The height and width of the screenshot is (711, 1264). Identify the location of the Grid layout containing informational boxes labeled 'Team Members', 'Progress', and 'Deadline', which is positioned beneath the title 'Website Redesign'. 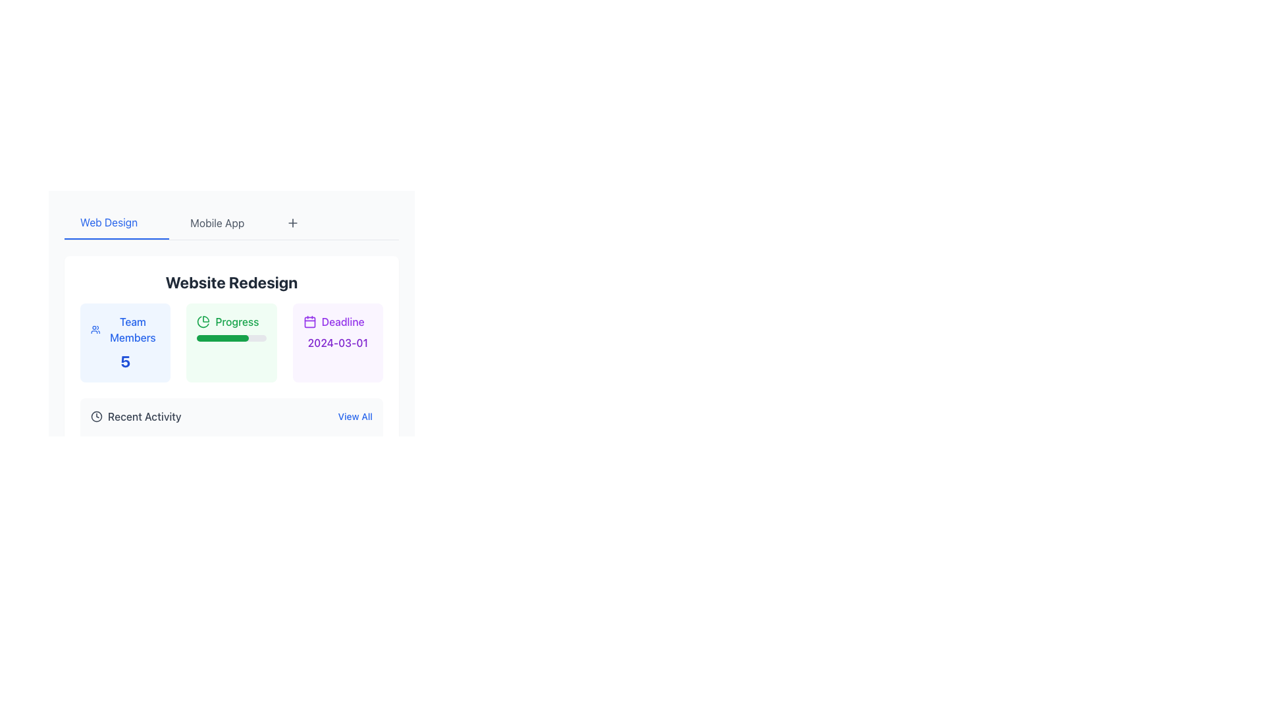
(231, 342).